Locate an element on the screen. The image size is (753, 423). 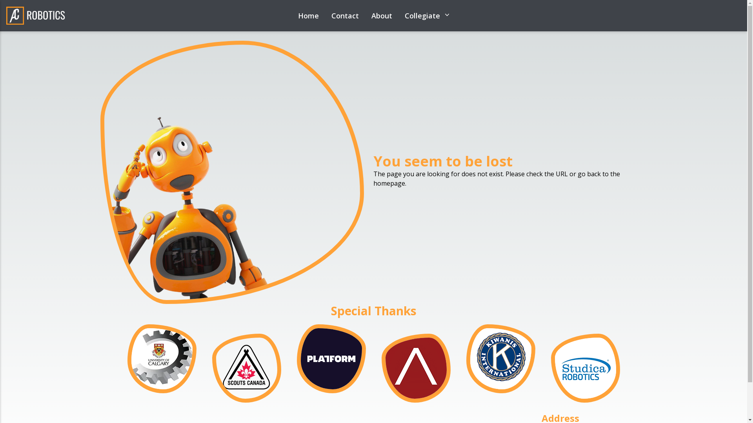
'Contact' is located at coordinates (344, 15).